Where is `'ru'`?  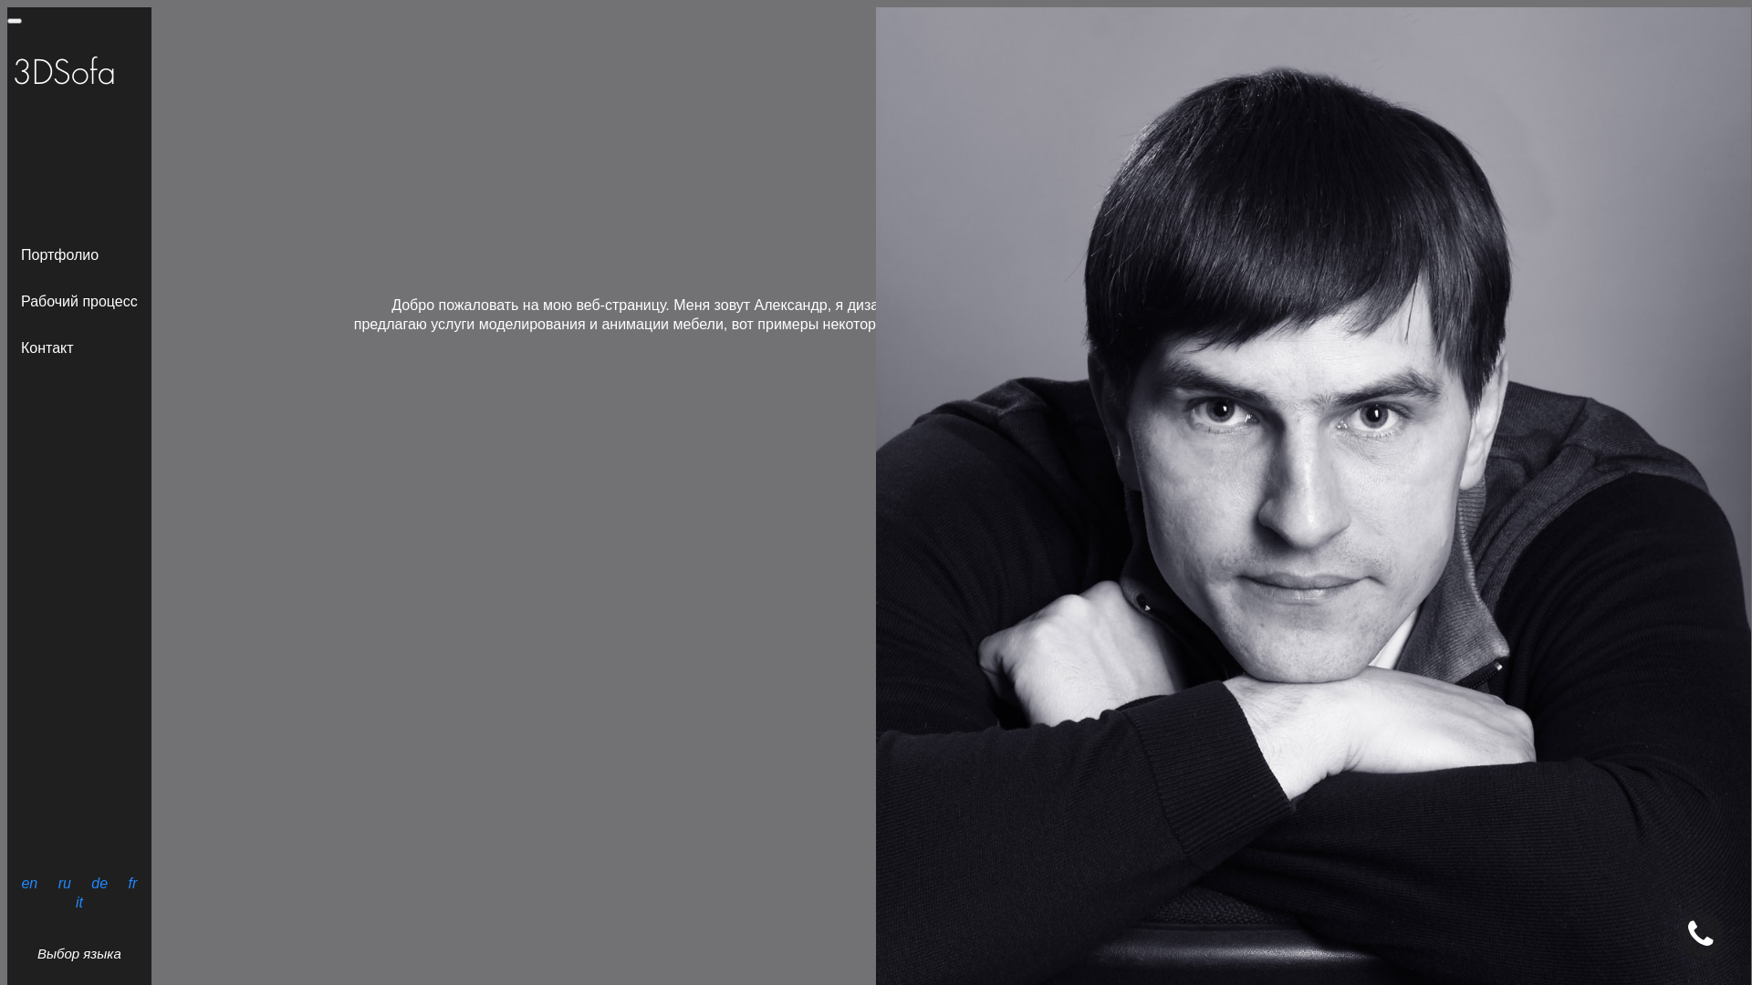
'ru' is located at coordinates (54, 882).